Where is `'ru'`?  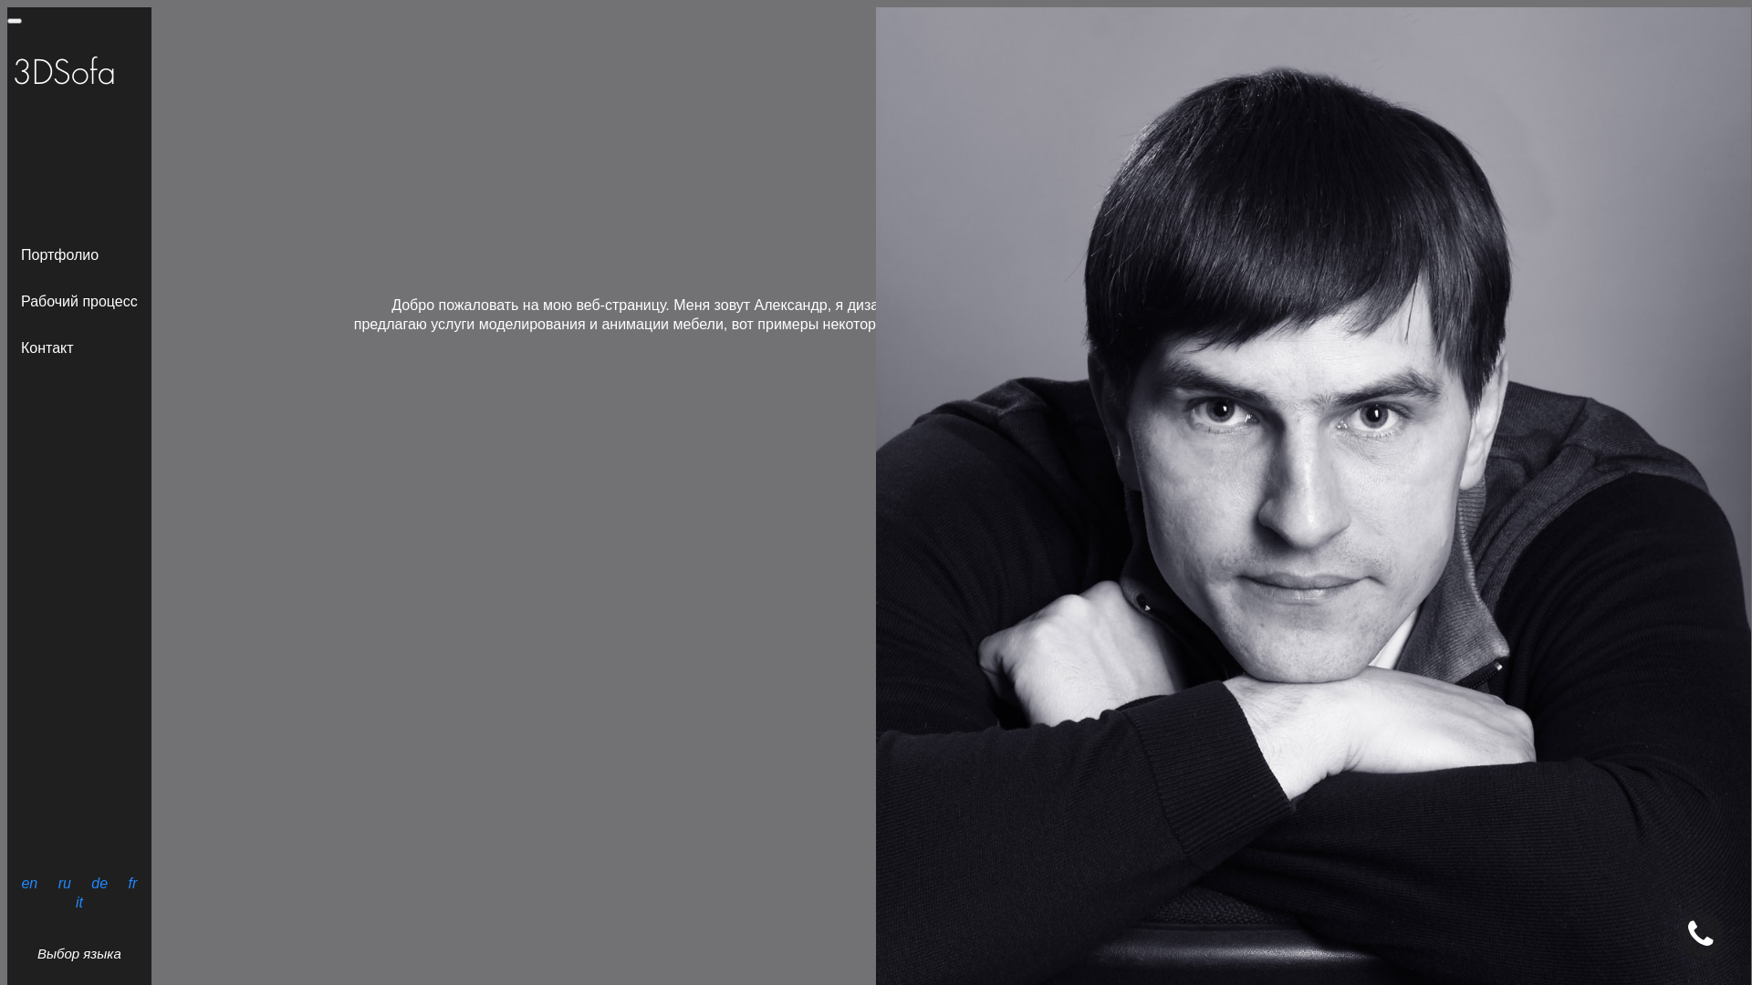
'ru' is located at coordinates (54, 882).